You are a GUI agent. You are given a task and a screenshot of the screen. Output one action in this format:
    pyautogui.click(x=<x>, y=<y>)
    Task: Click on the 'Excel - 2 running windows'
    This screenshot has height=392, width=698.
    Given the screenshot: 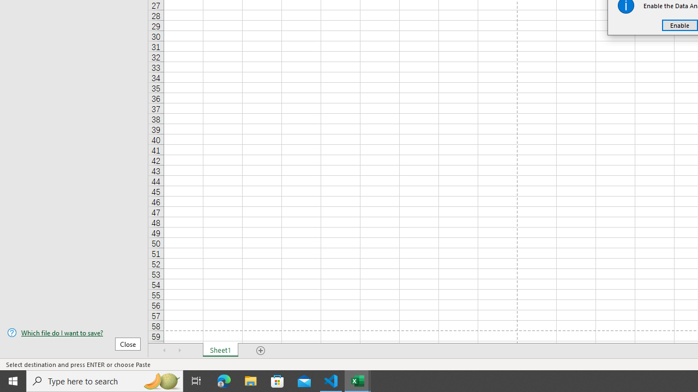 What is the action you would take?
    pyautogui.click(x=358, y=380)
    